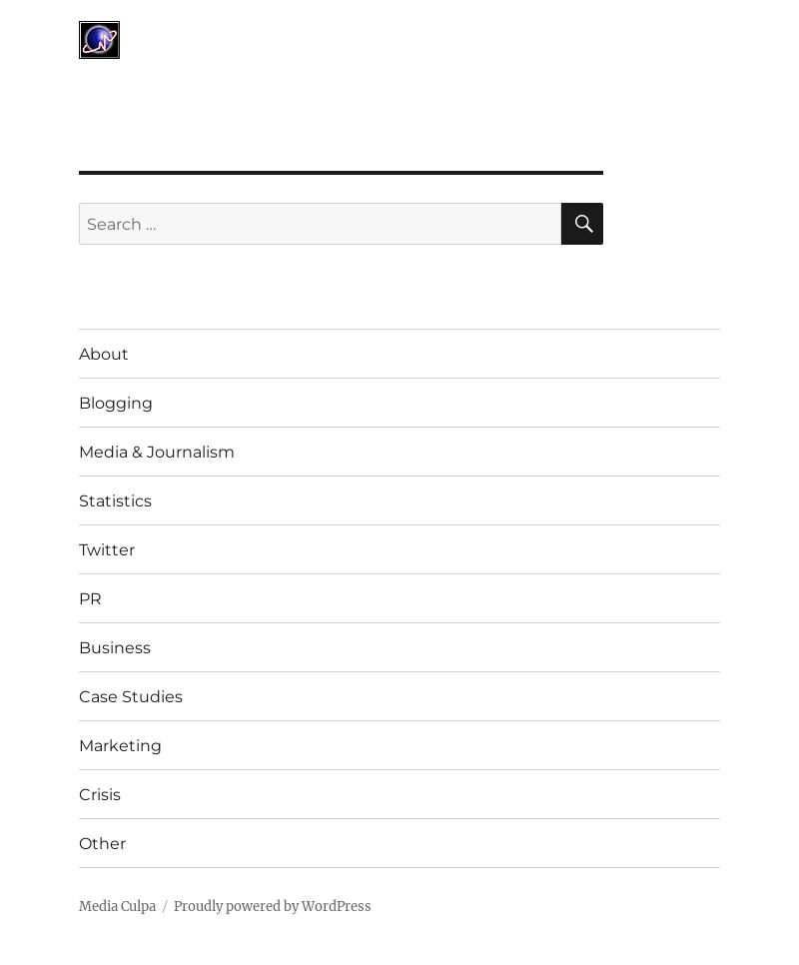  I want to click on 'Media Culpa', so click(79, 905).